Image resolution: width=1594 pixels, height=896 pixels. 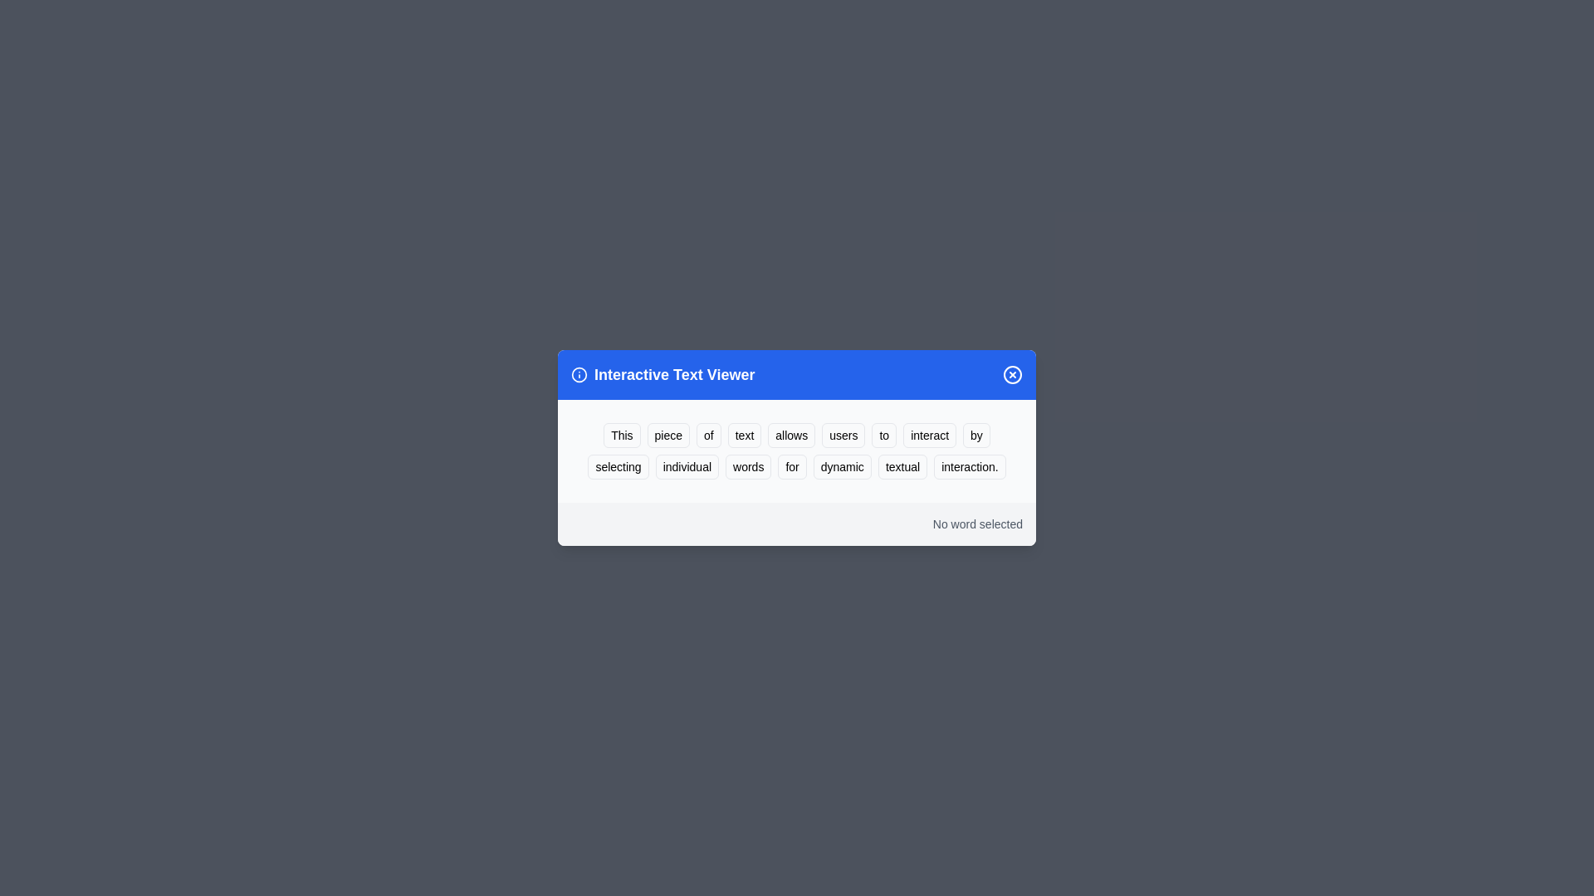 What do you see at coordinates (621, 434) in the screenshot?
I see `the word 'This' to highlight it` at bounding box center [621, 434].